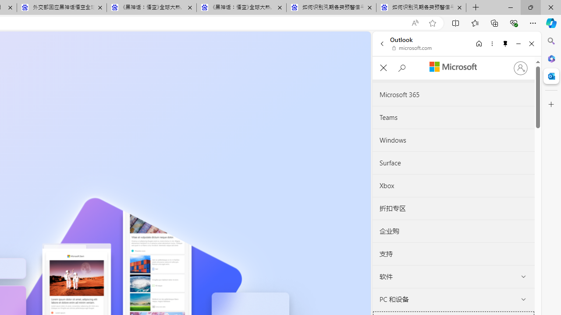 This screenshot has height=315, width=561. I want to click on 'Microsoft', so click(453, 66).